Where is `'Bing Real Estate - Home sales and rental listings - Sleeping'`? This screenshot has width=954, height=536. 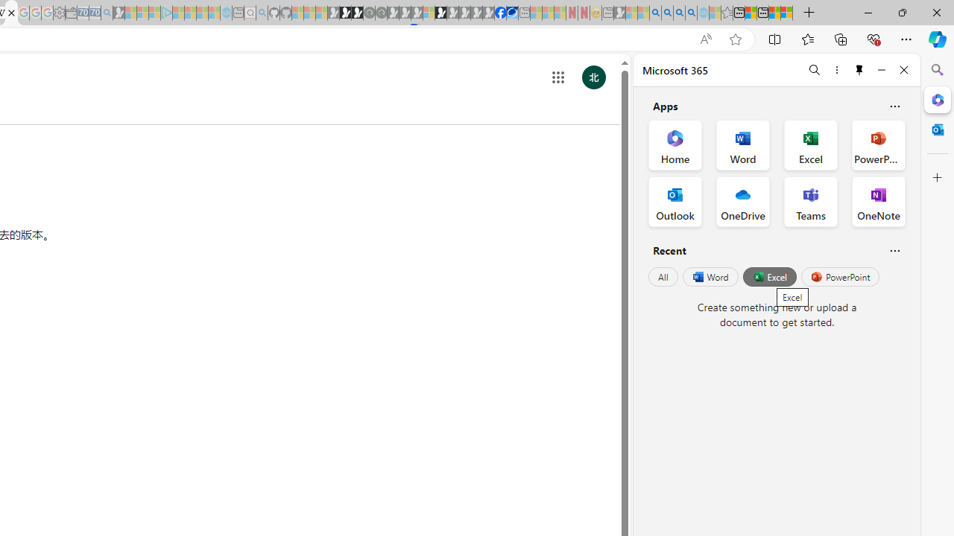
'Bing Real Estate - Home sales and rental listings - Sleeping' is located at coordinates (106, 13).